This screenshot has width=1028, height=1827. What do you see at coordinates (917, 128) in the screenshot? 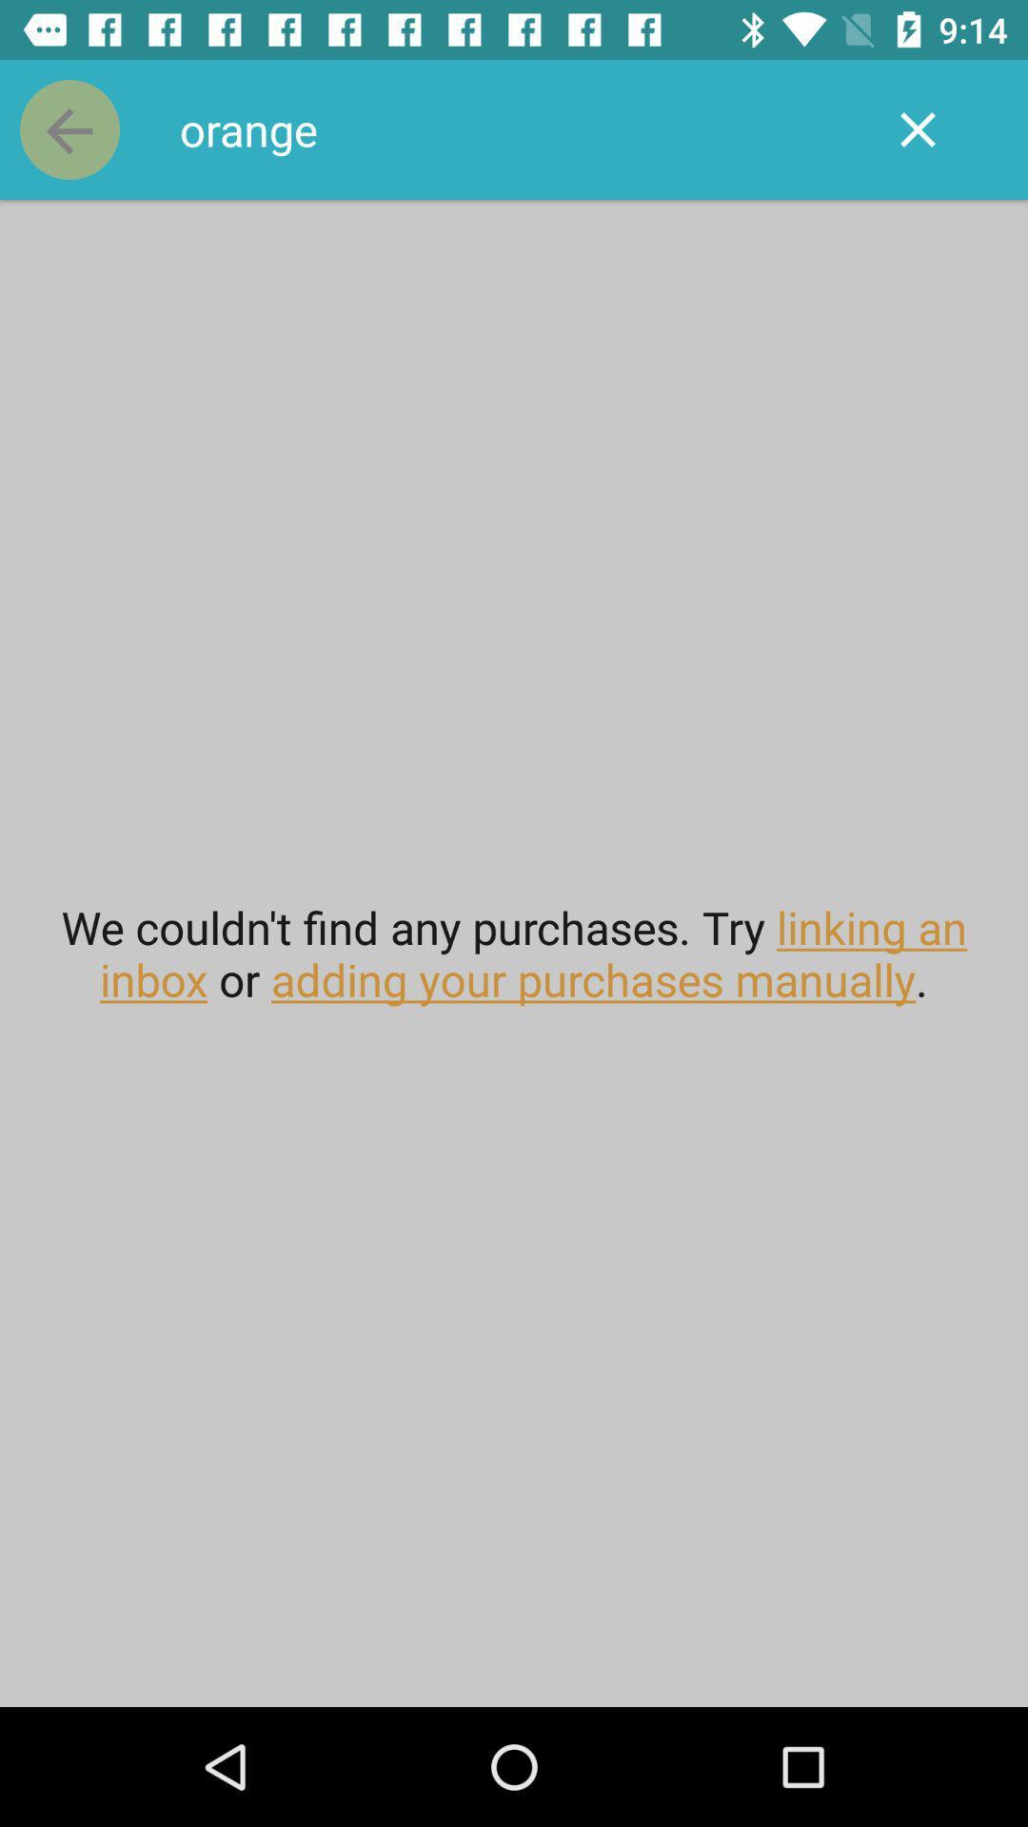
I see `icon next to the orange` at bounding box center [917, 128].